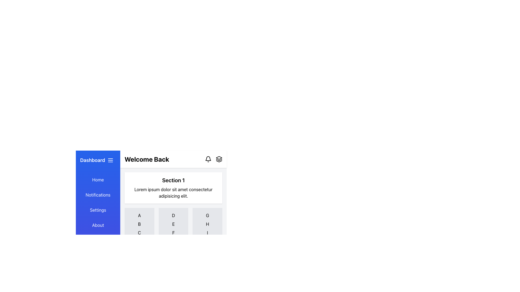 The height and width of the screenshot is (292, 520). What do you see at coordinates (208, 159) in the screenshot?
I see `the bell icon located in the upper-right corner of the interface, which is styled in a simplified outline without fill color and positioned to the left of a stack-like icon` at bounding box center [208, 159].